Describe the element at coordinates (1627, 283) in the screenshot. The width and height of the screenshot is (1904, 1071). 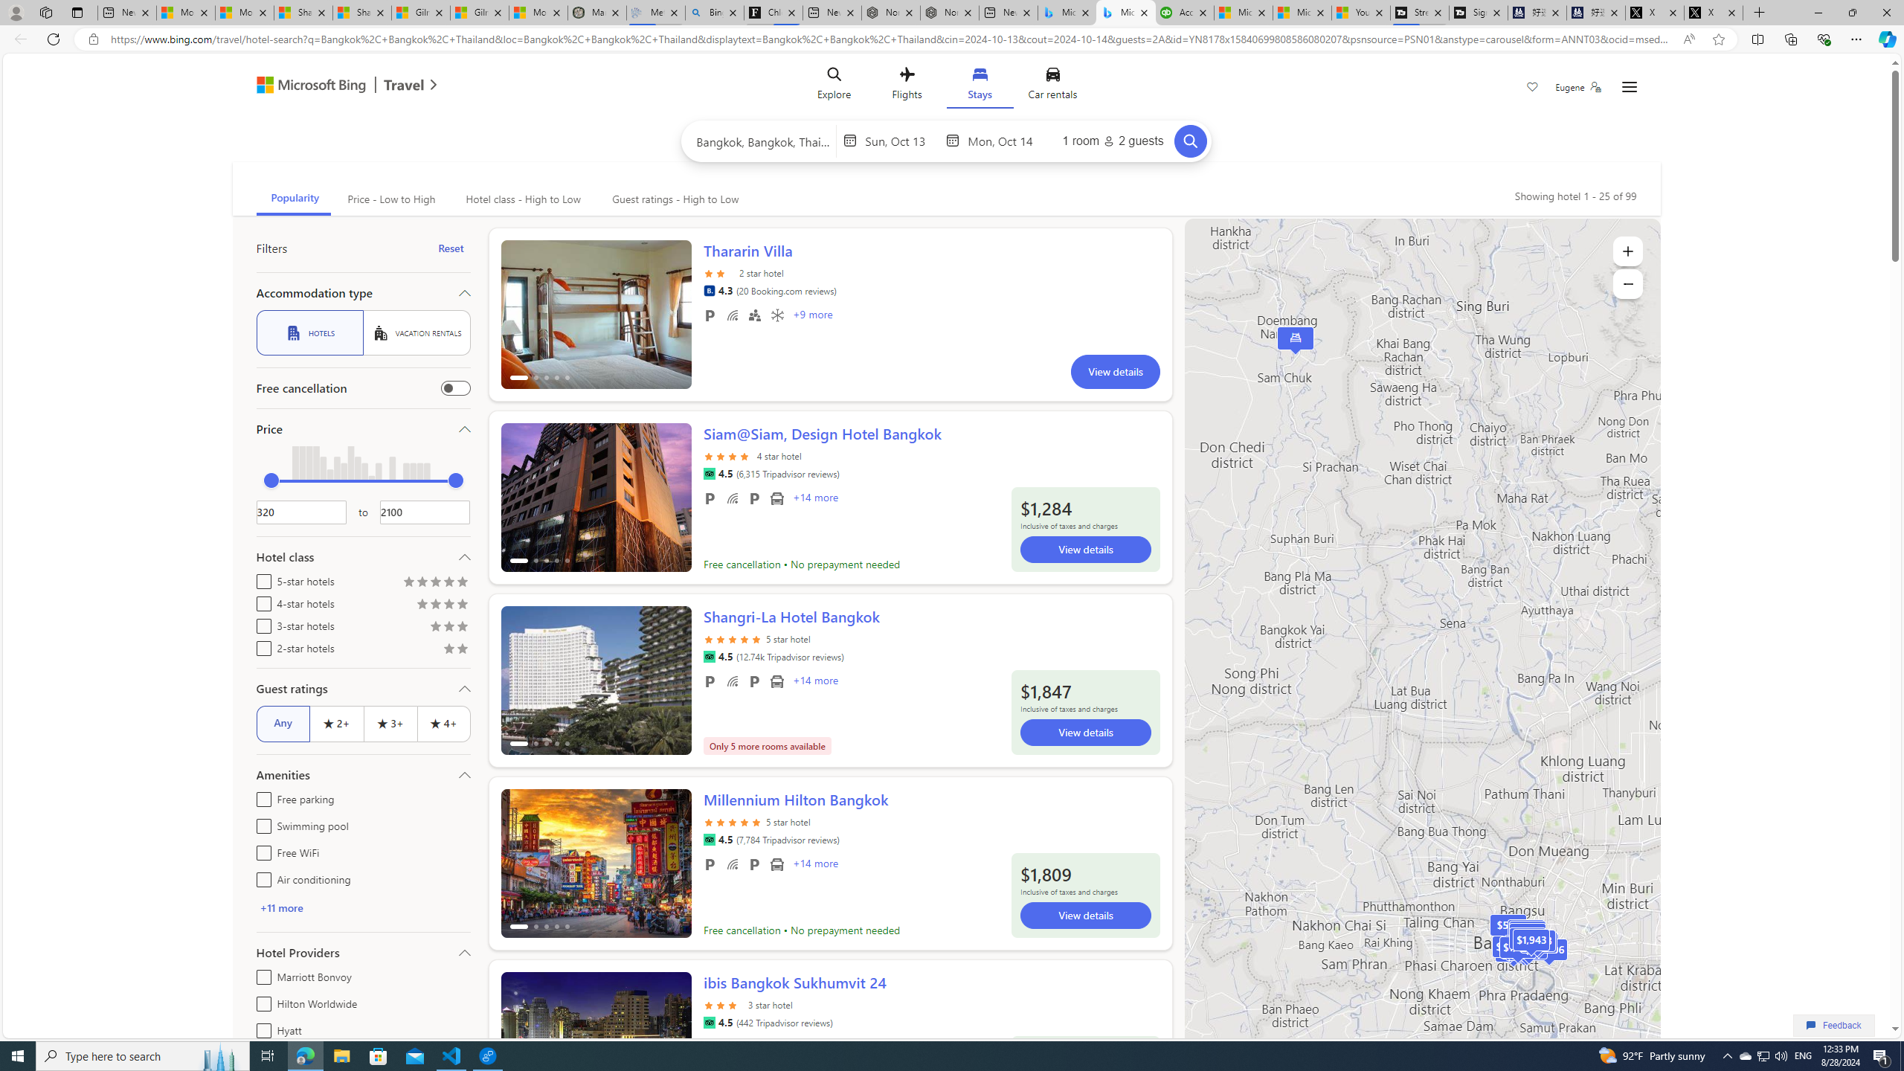
I see `'Zoom out'` at that location.